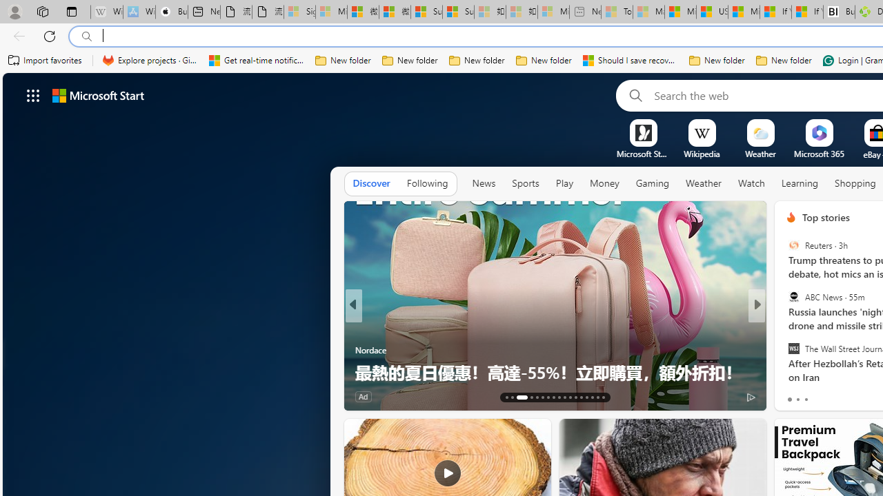  What do you see at coordinates (751, 183) in the screenshot?
I see `'Watch'` at bounding box center [751, 183].